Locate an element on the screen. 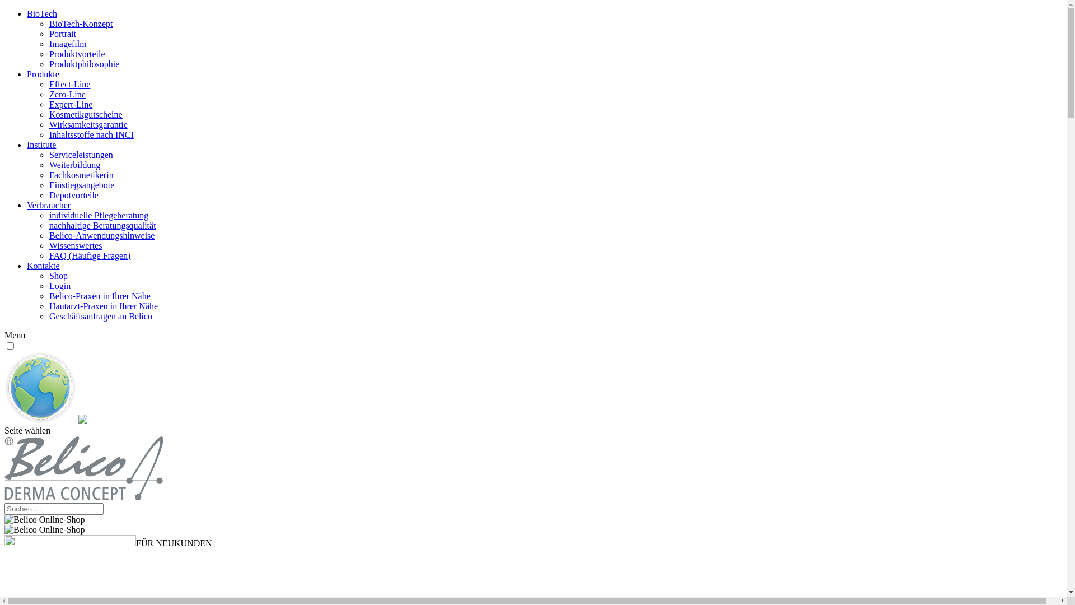 This screenshot has width=1075, height=605. 'Einstiegsangebote' is located at coordinates (81, 184).